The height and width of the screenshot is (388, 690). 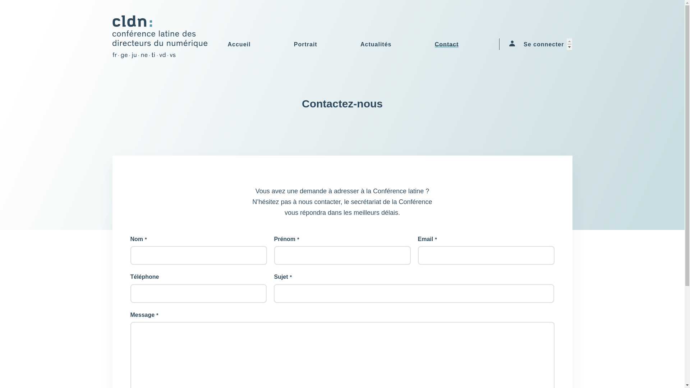 What do you see at coordinates (239, 44) in the screenshot?
I see `'Accueil'` at bounding box center [239, 44].